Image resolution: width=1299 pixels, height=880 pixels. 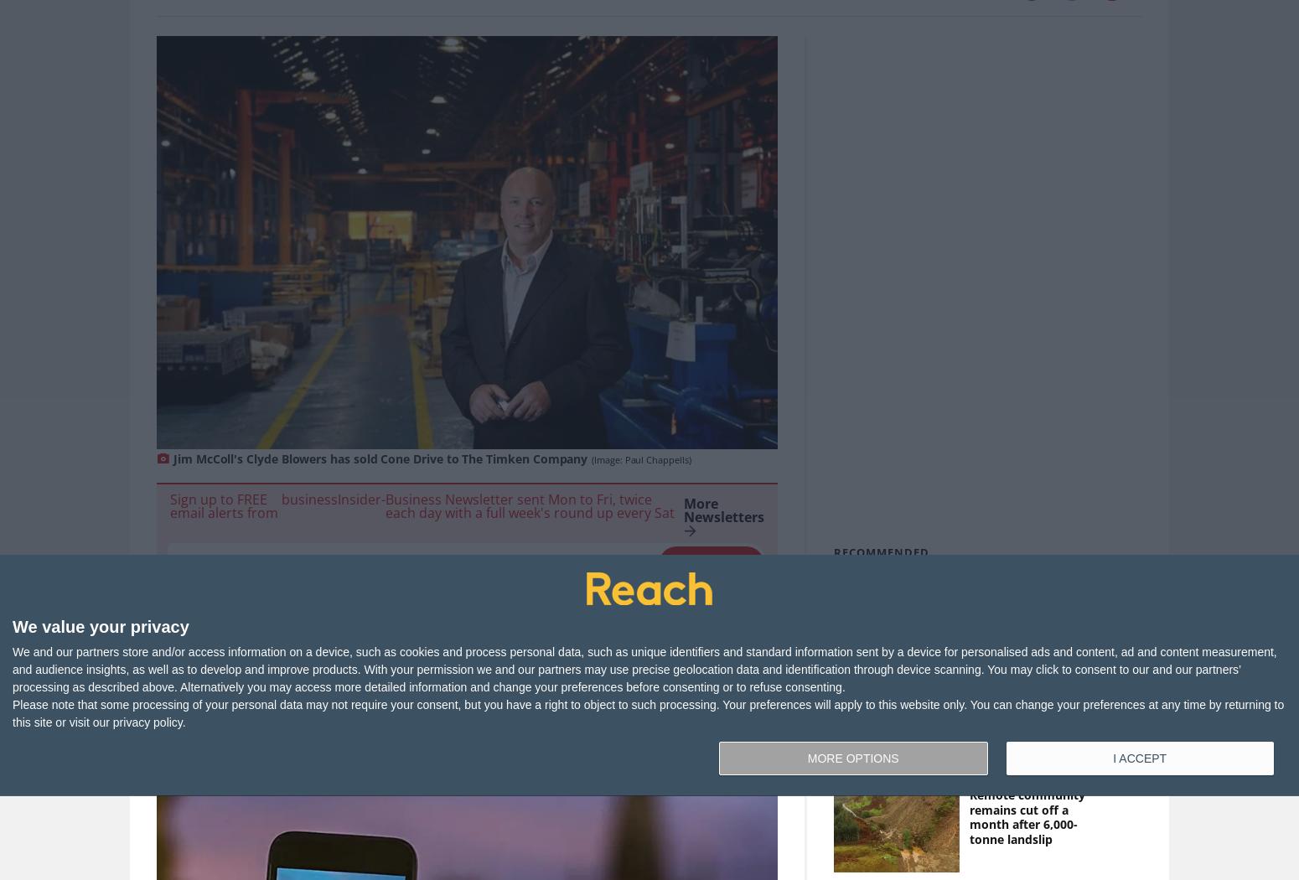 I want to click on 'You can find this story in', so click(x=597, y=707).